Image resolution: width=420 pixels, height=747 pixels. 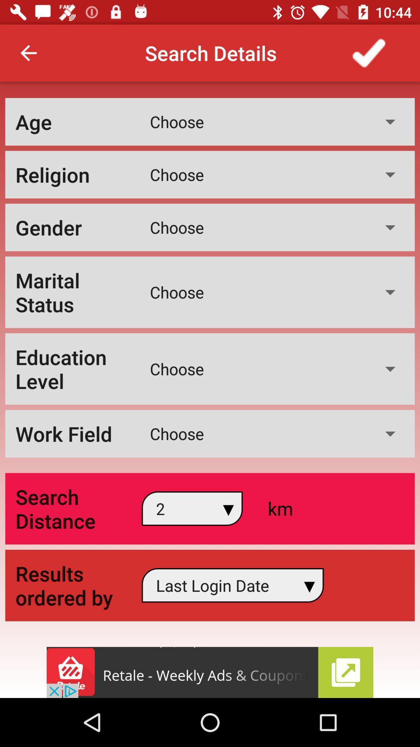 I want to click on advertisement, so click(x=210, y=672).